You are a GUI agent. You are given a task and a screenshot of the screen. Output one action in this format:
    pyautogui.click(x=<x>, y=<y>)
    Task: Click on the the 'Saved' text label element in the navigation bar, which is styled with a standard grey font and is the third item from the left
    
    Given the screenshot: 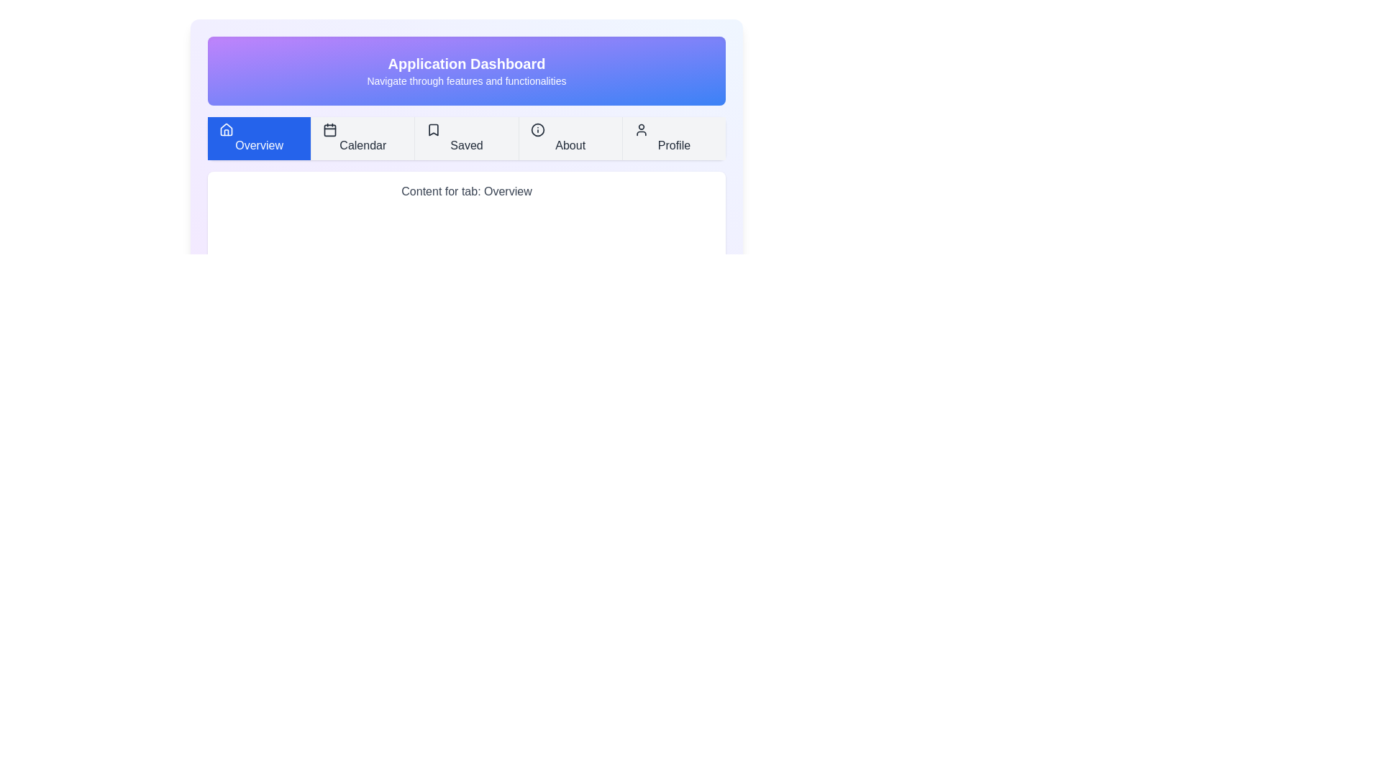 What is the action you would take?
    pyautogui.click(x=466, y=145)
    